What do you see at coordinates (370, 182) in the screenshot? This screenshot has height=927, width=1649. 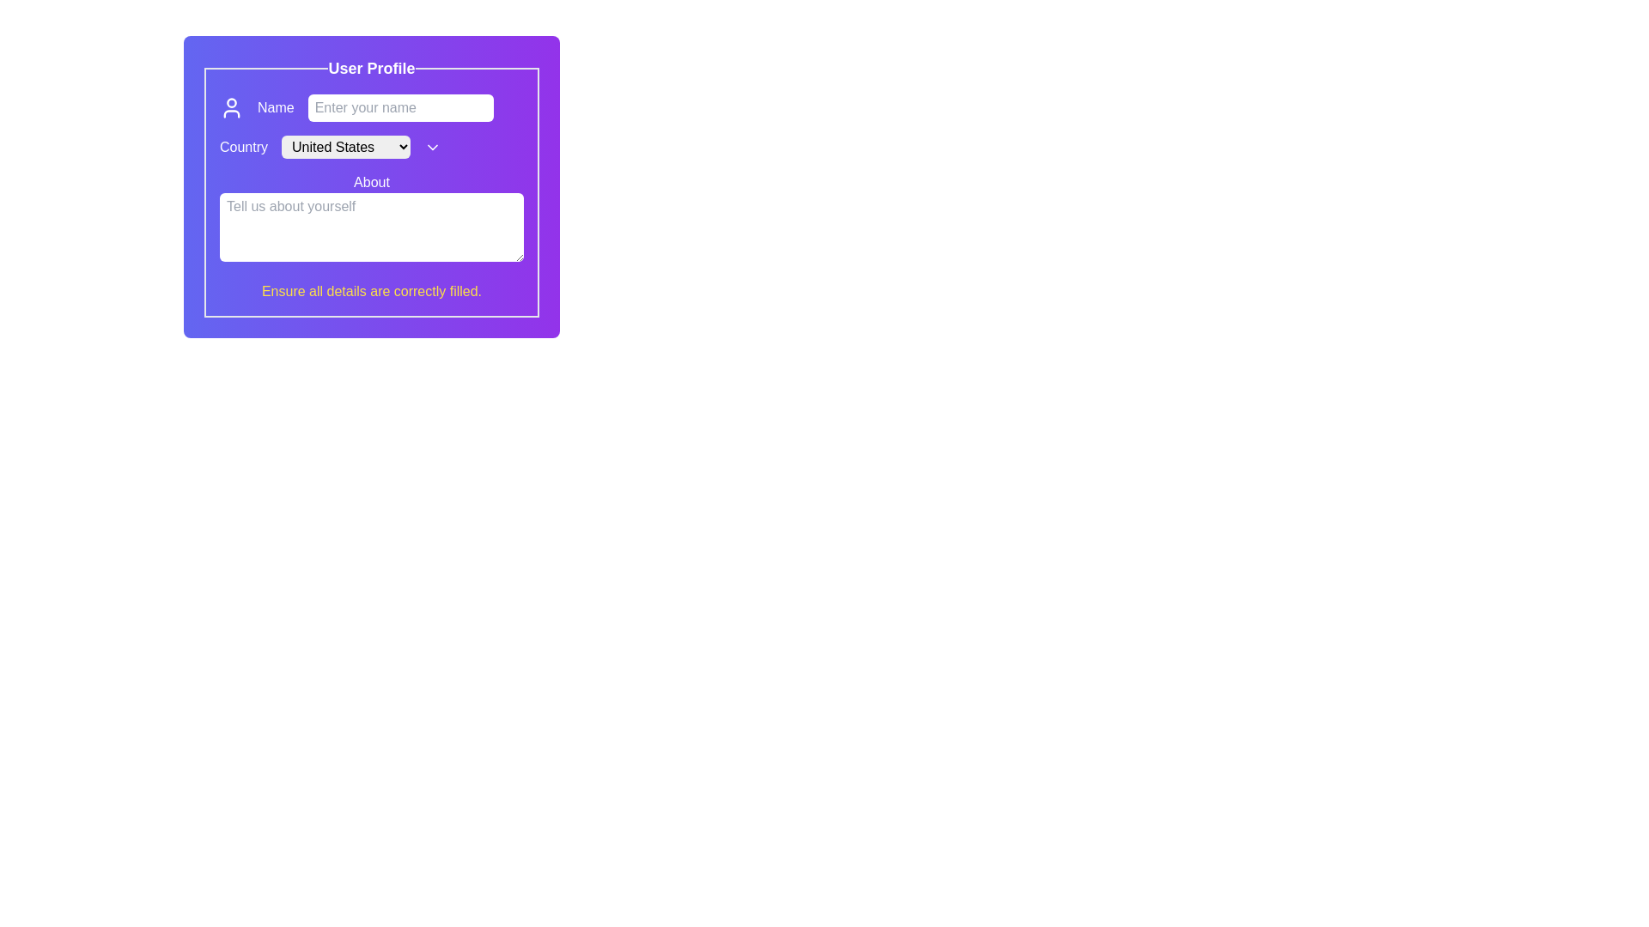 I see `the static text label located above the multi-line text input labeled 'Tell us about yourself'` at bounding box center [370, 182].